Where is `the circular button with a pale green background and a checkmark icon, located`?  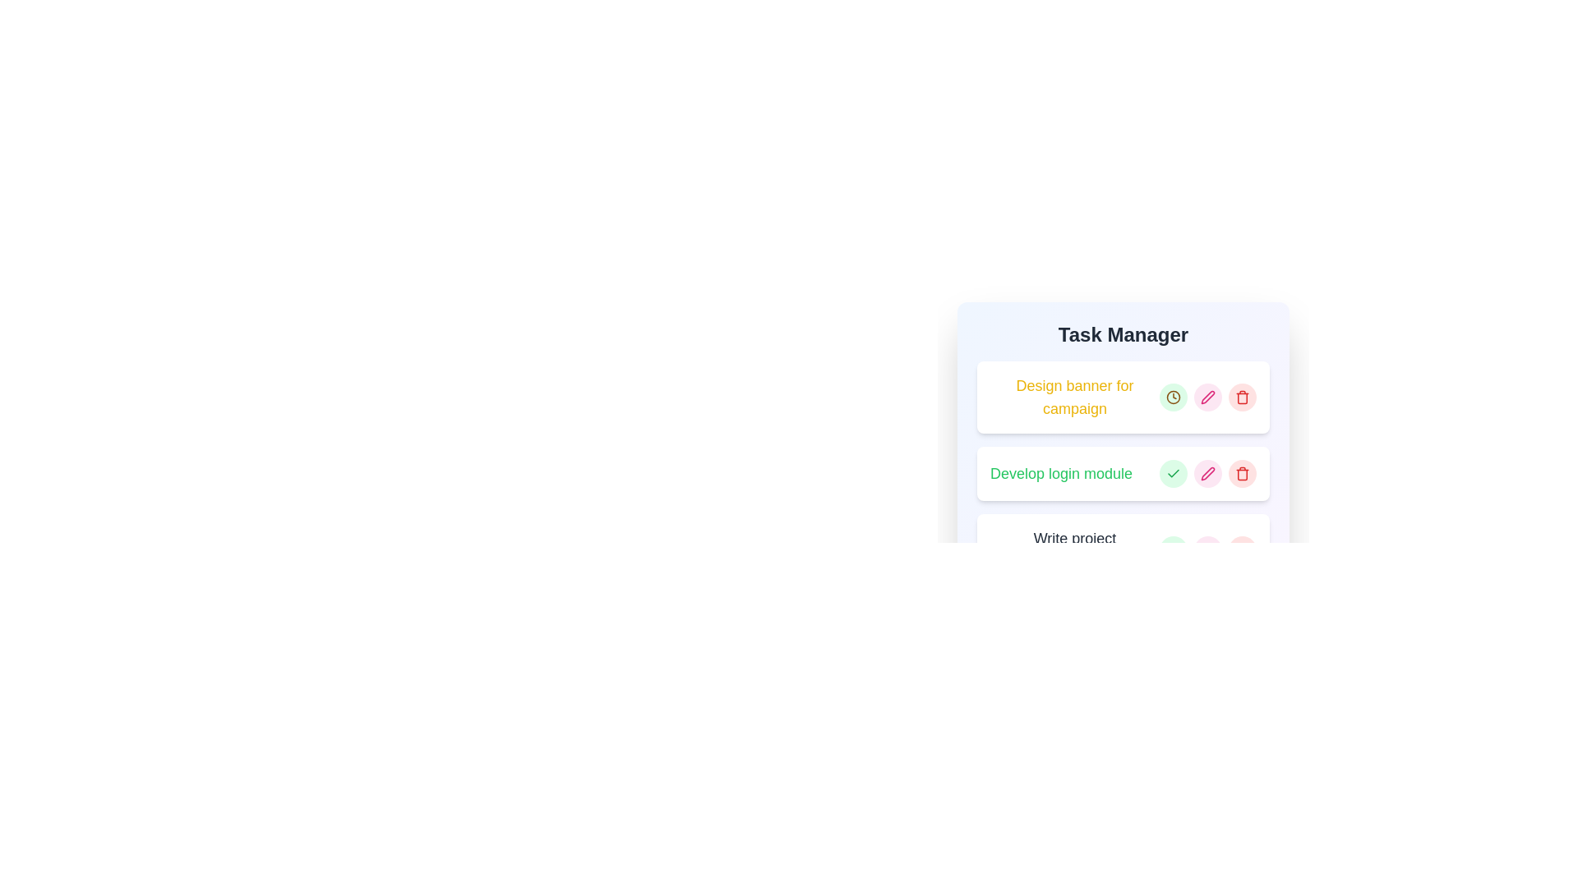
the circular button with a pale green background and a checkmark icon, located is located at coordinates (1173, 474).